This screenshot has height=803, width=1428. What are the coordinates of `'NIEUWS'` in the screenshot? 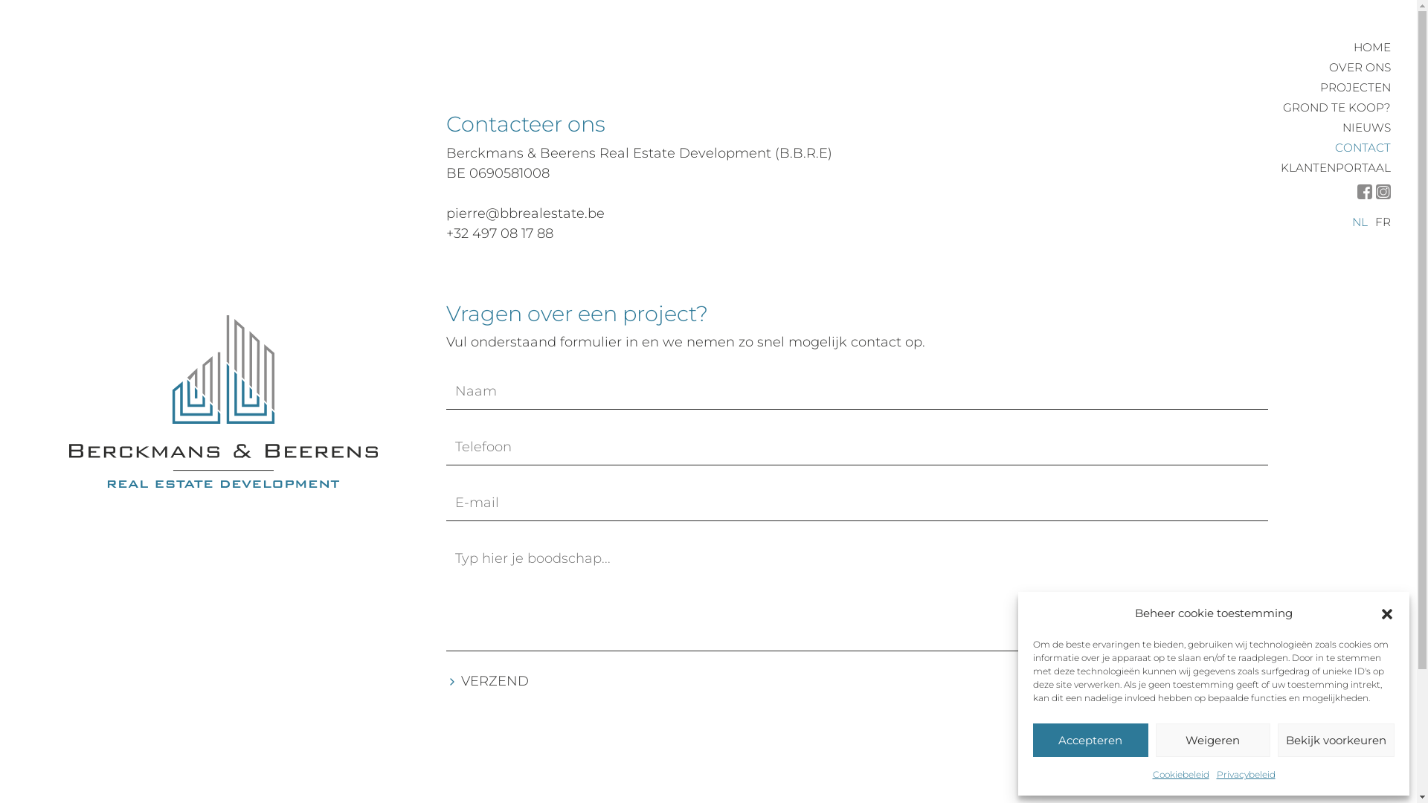 It's located at (1366, 126).